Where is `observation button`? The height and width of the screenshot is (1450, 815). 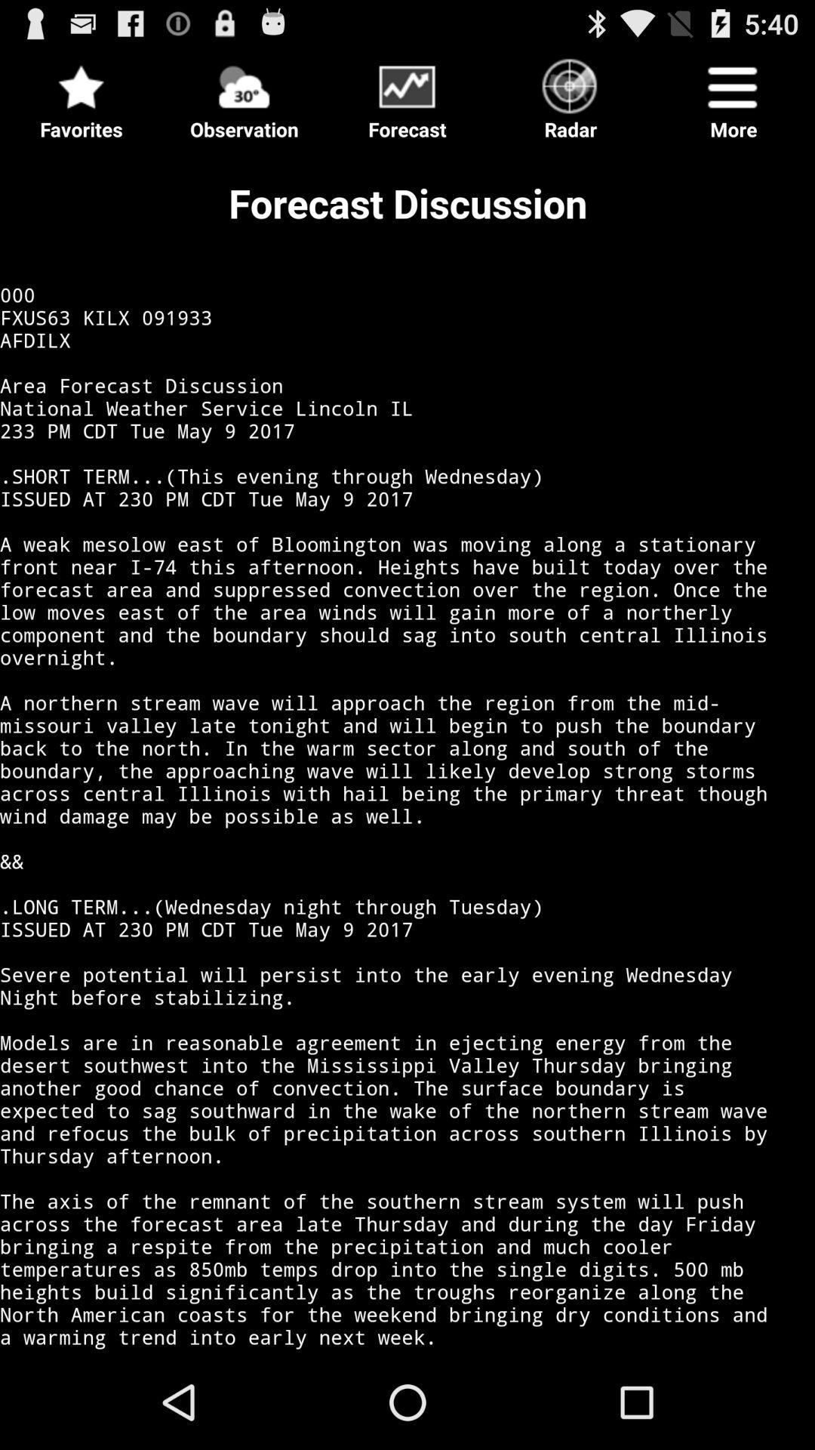
observation button is located at coordinates (244, 94).